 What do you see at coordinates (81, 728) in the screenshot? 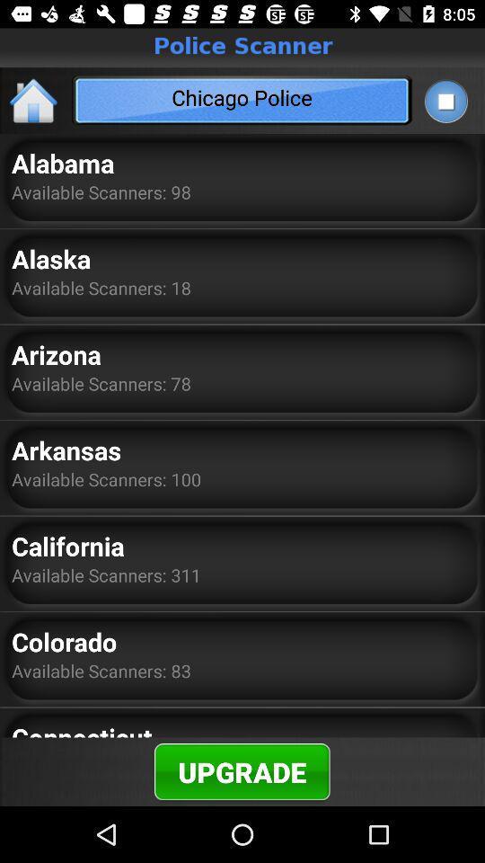
I see `the item below the available scanners: 83 icon` at bounding box center [81, 728].